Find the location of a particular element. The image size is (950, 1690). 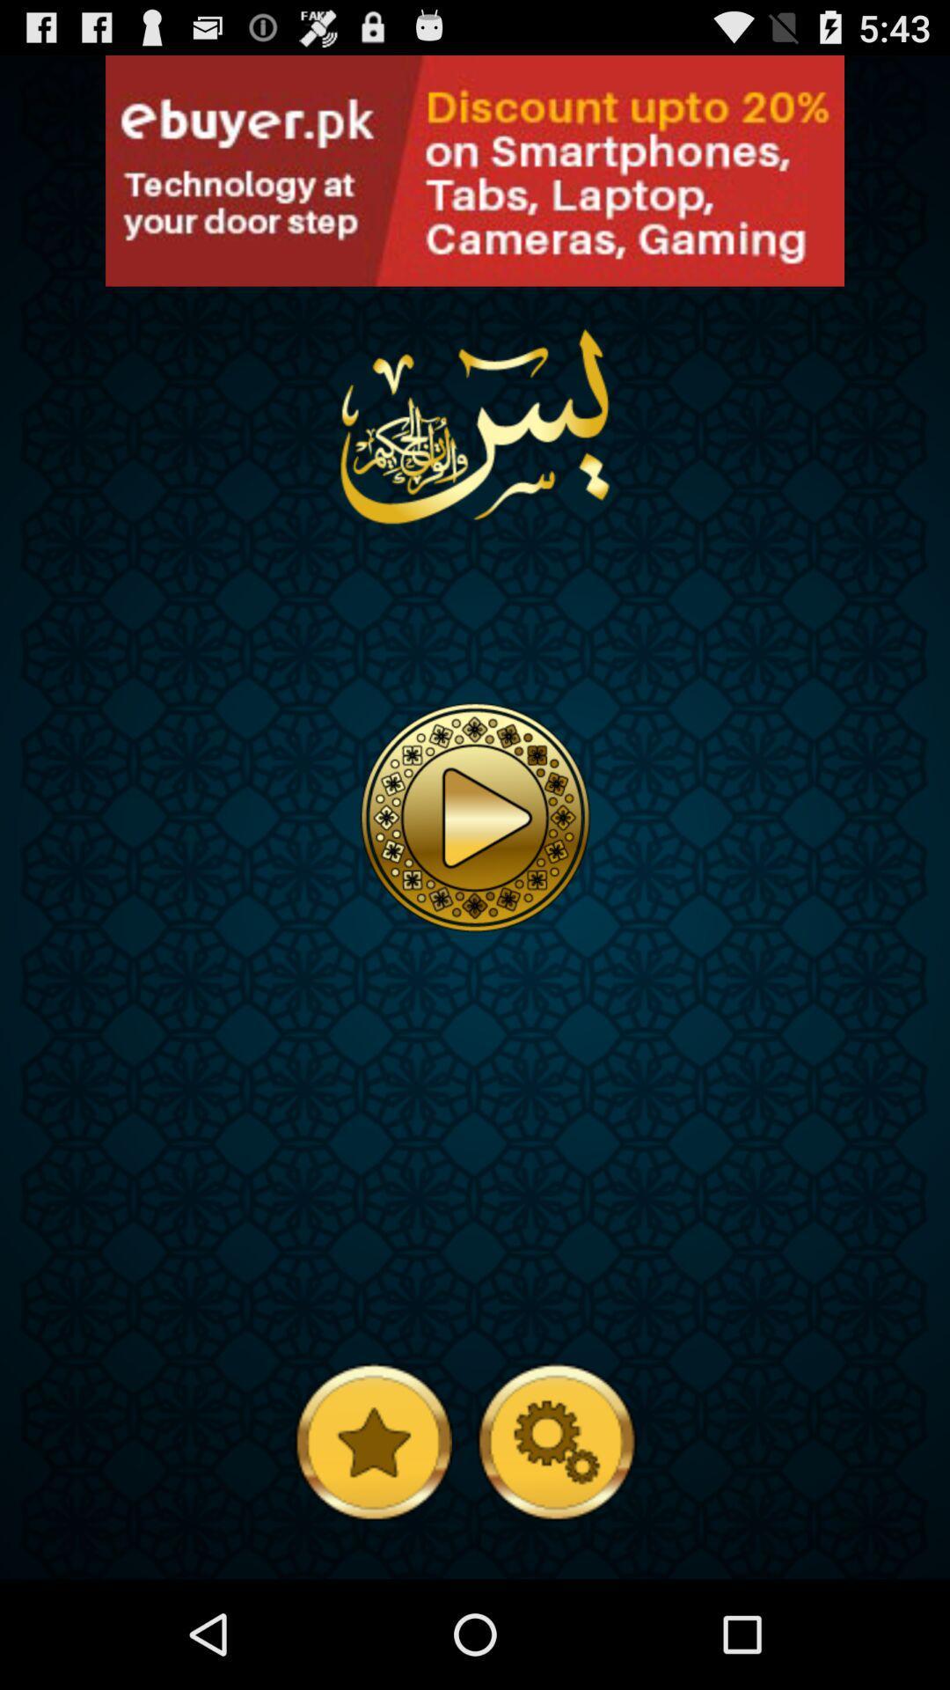

the file is located at coordinates (475, 816).